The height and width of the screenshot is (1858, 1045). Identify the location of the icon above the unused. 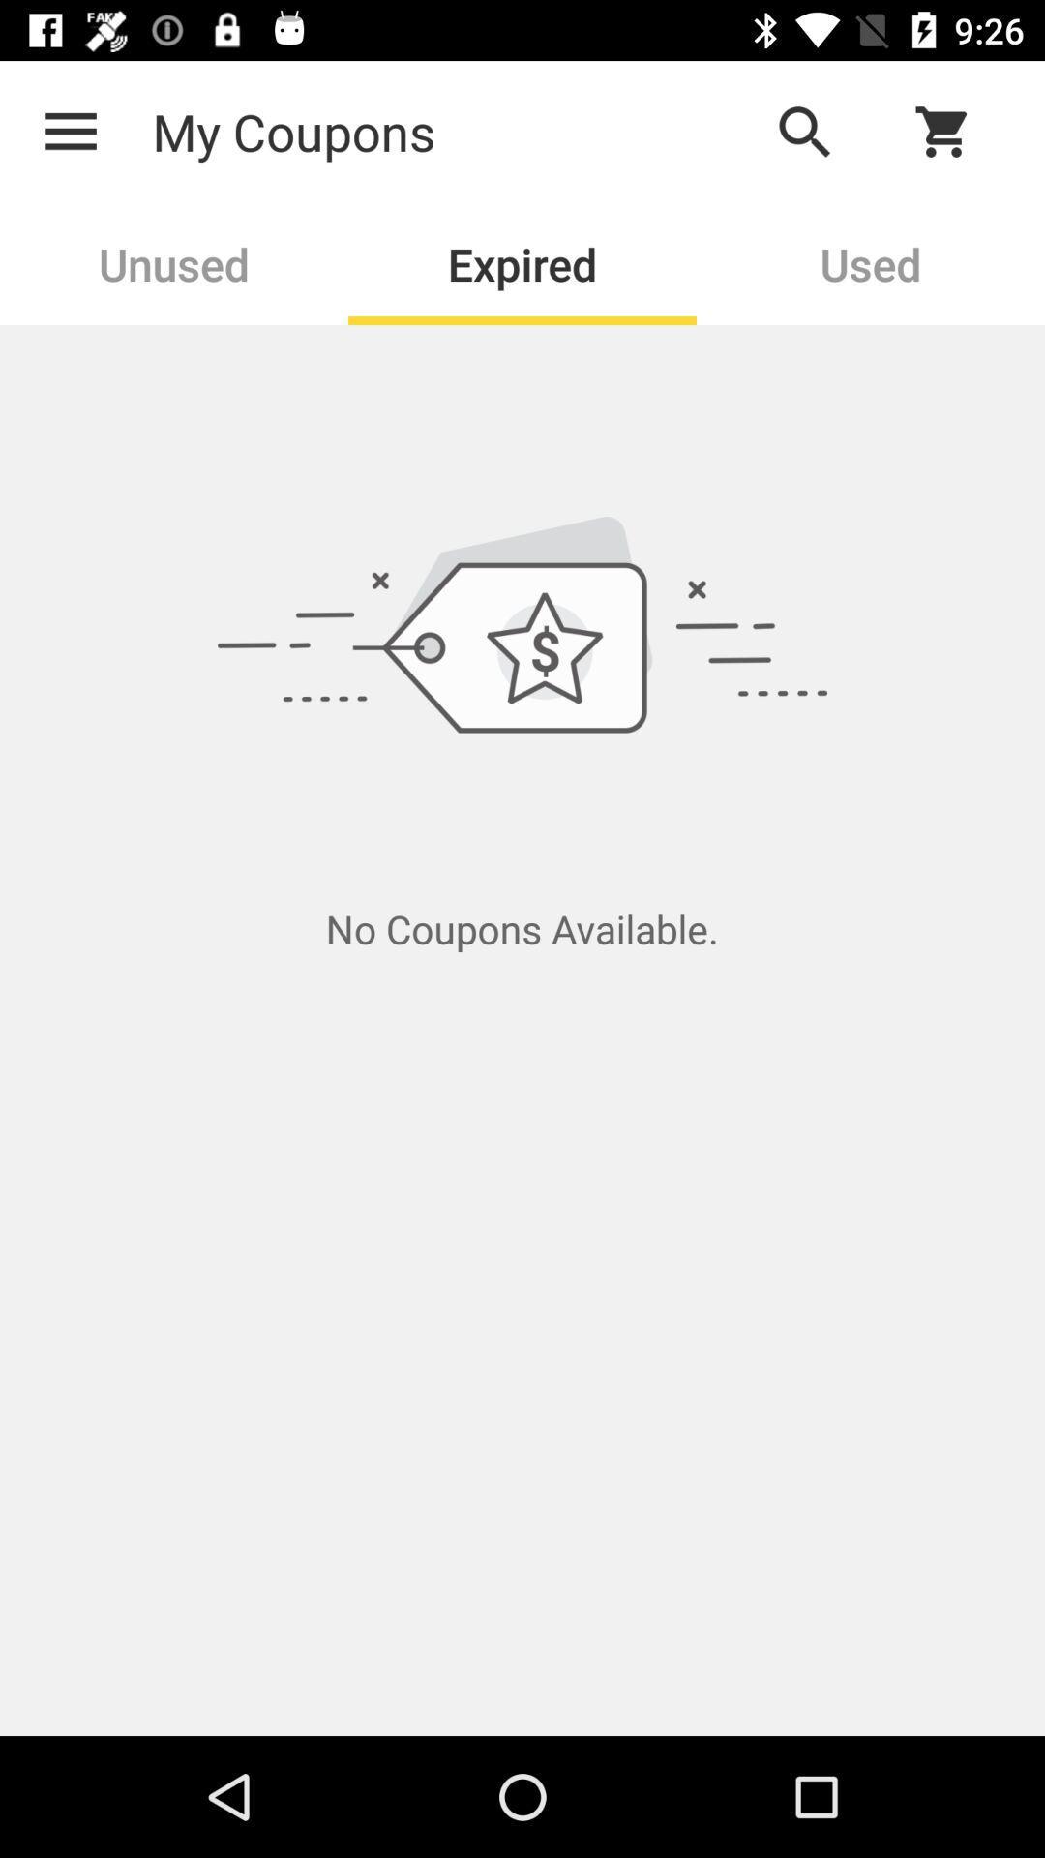
(70, 131).